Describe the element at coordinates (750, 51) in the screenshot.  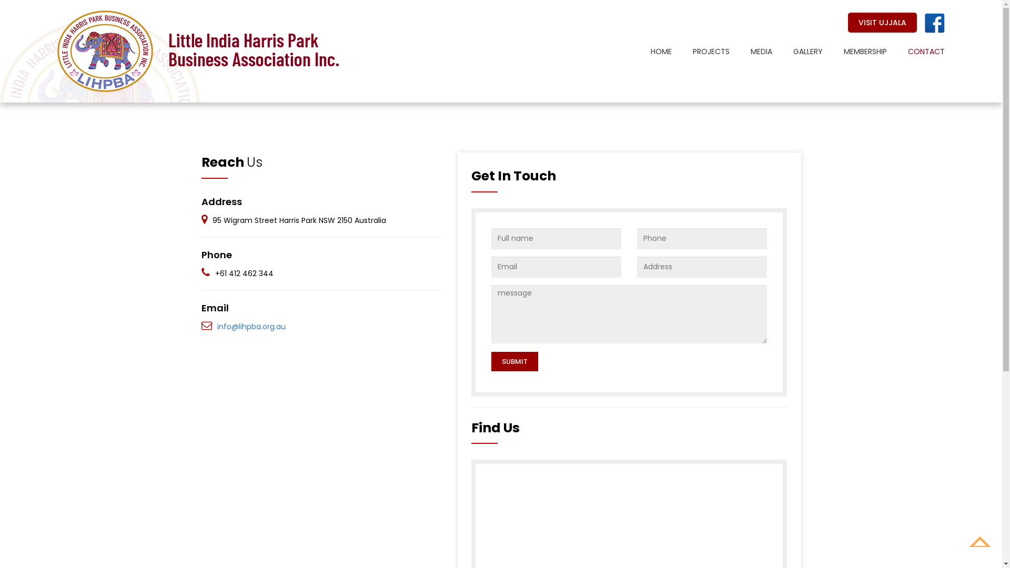
I see `'MEDIA'` at that location.